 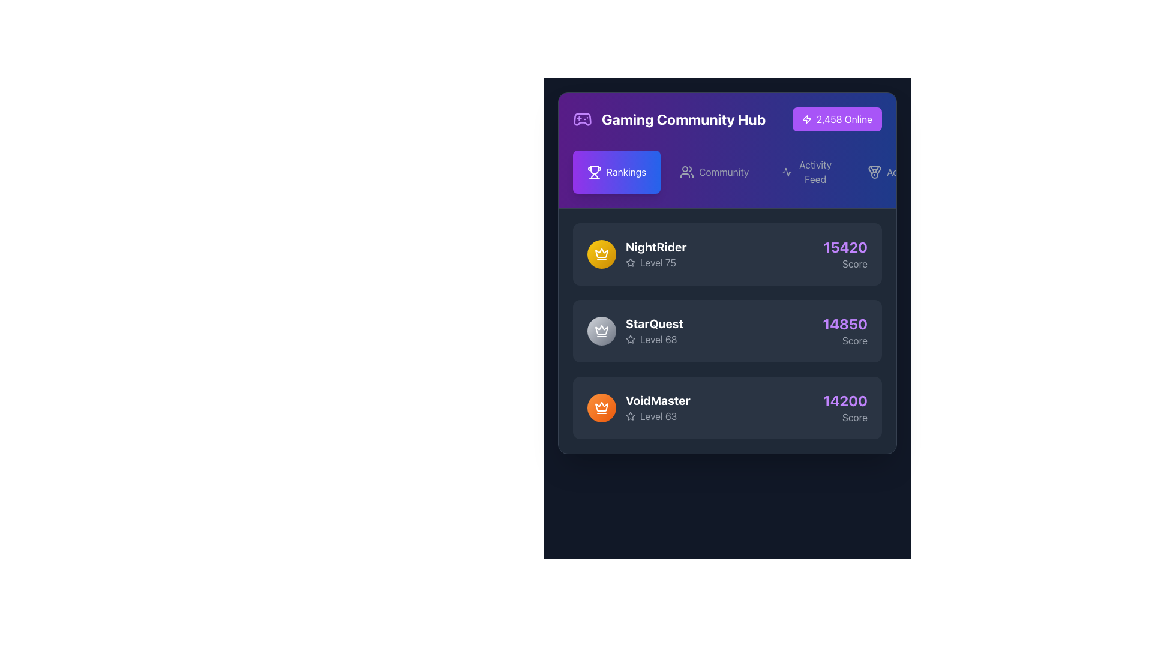 I want to click on the star-shaped icon with an outlined style located to the left of the text 'Level 75' and below the label 'NightRider', so click(x=630, y=262).